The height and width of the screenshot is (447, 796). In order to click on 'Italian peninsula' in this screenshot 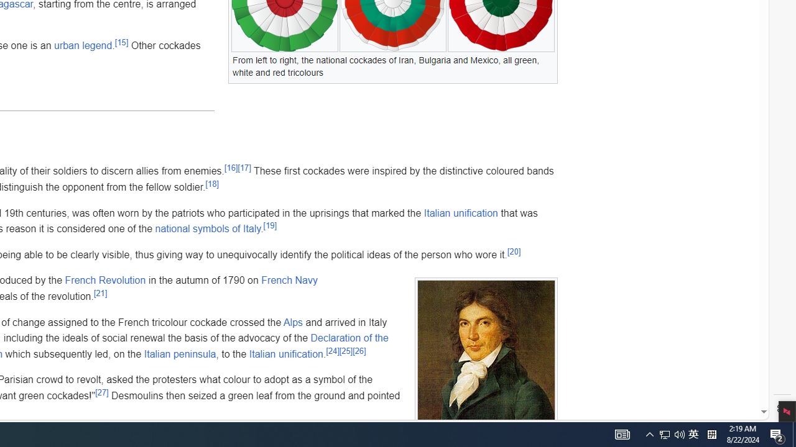, I will do `click(179, 353)`.